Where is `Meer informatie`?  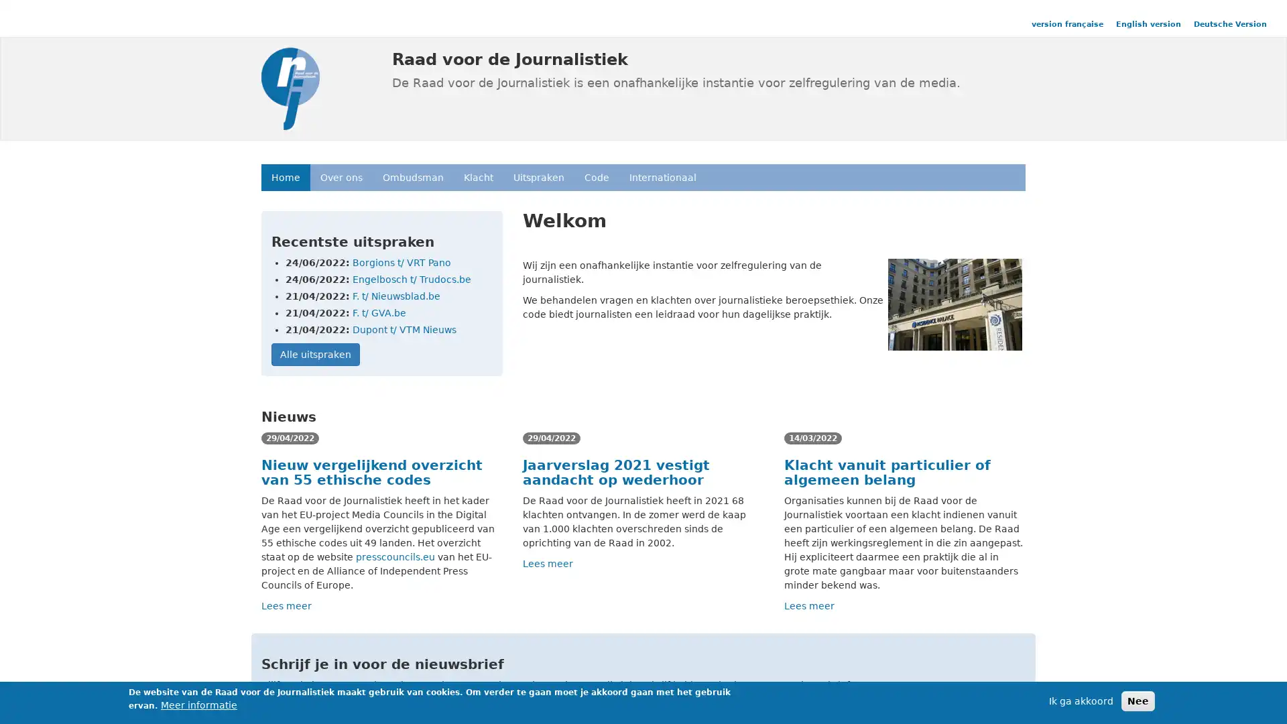
Meer informatie is located at coordinates (198, 705).